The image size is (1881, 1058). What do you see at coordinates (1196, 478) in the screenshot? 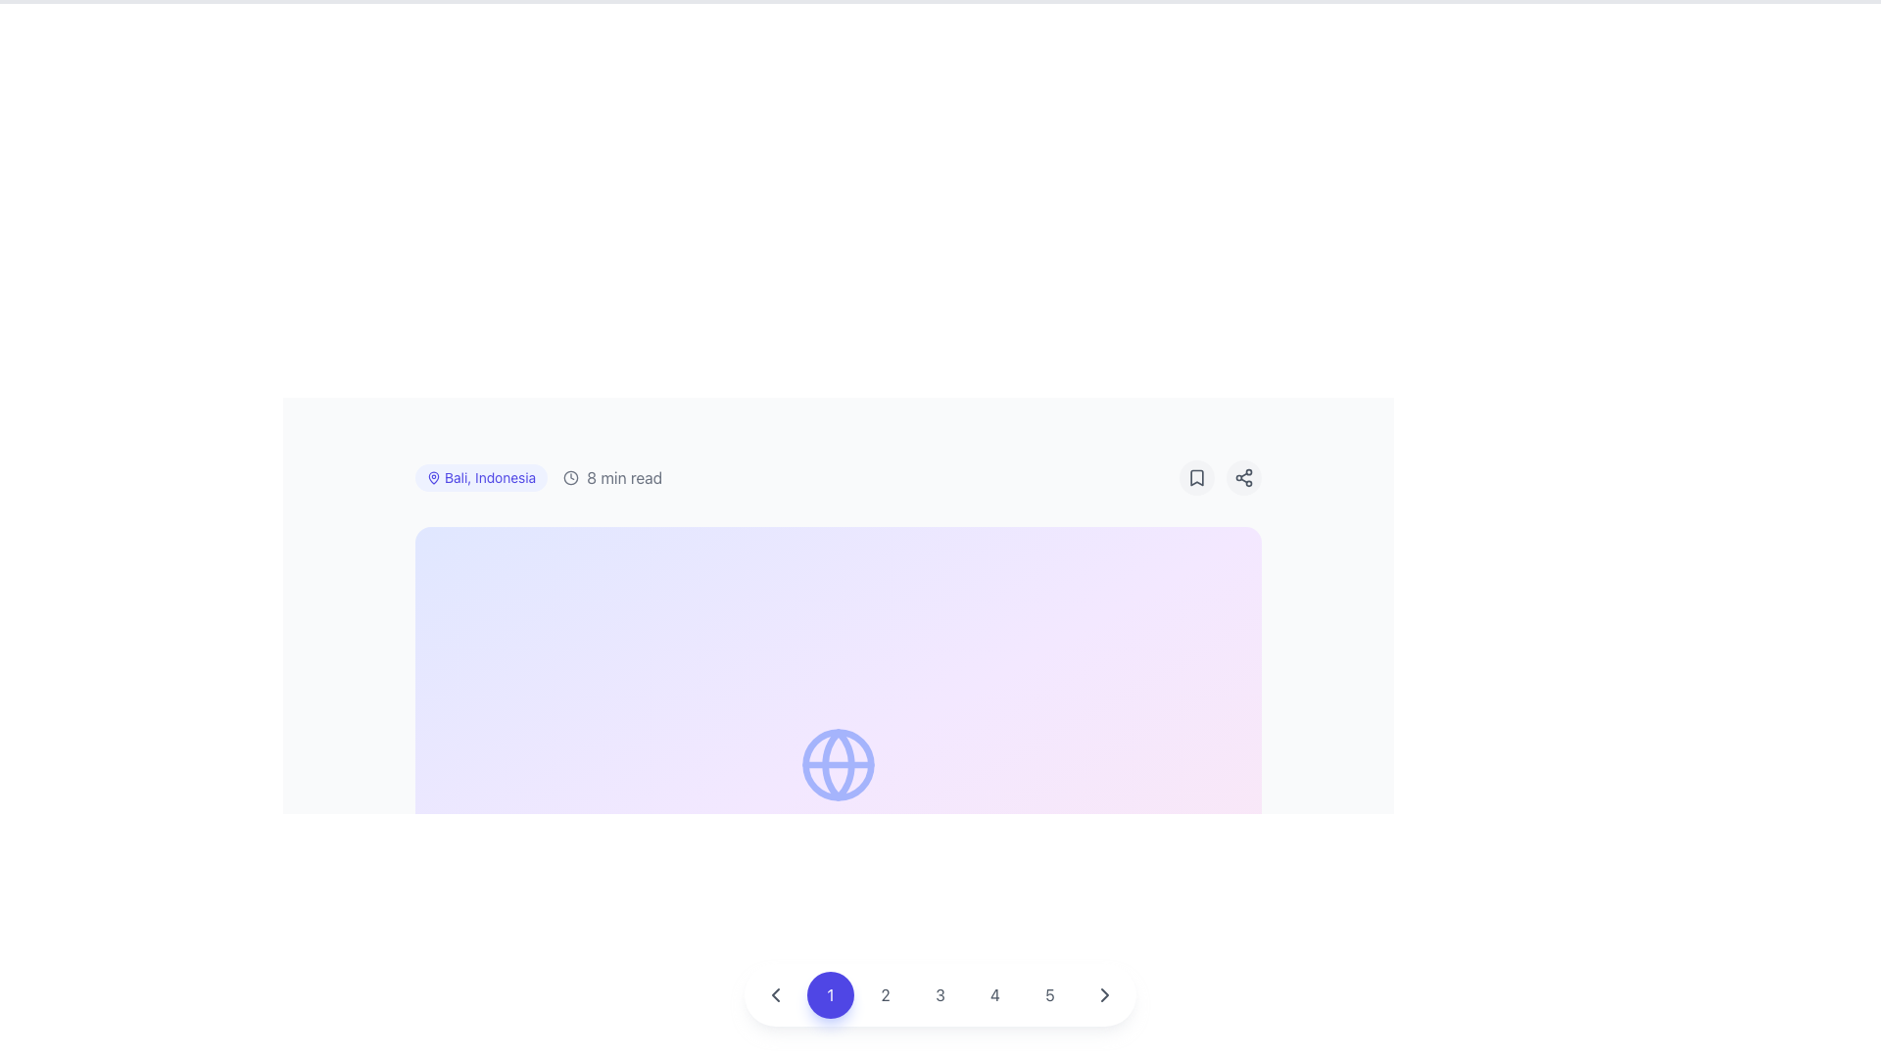
I see `the bookmark indicator icon button located near the top-right corner of the content frame` at bounding box center [1196, 478].